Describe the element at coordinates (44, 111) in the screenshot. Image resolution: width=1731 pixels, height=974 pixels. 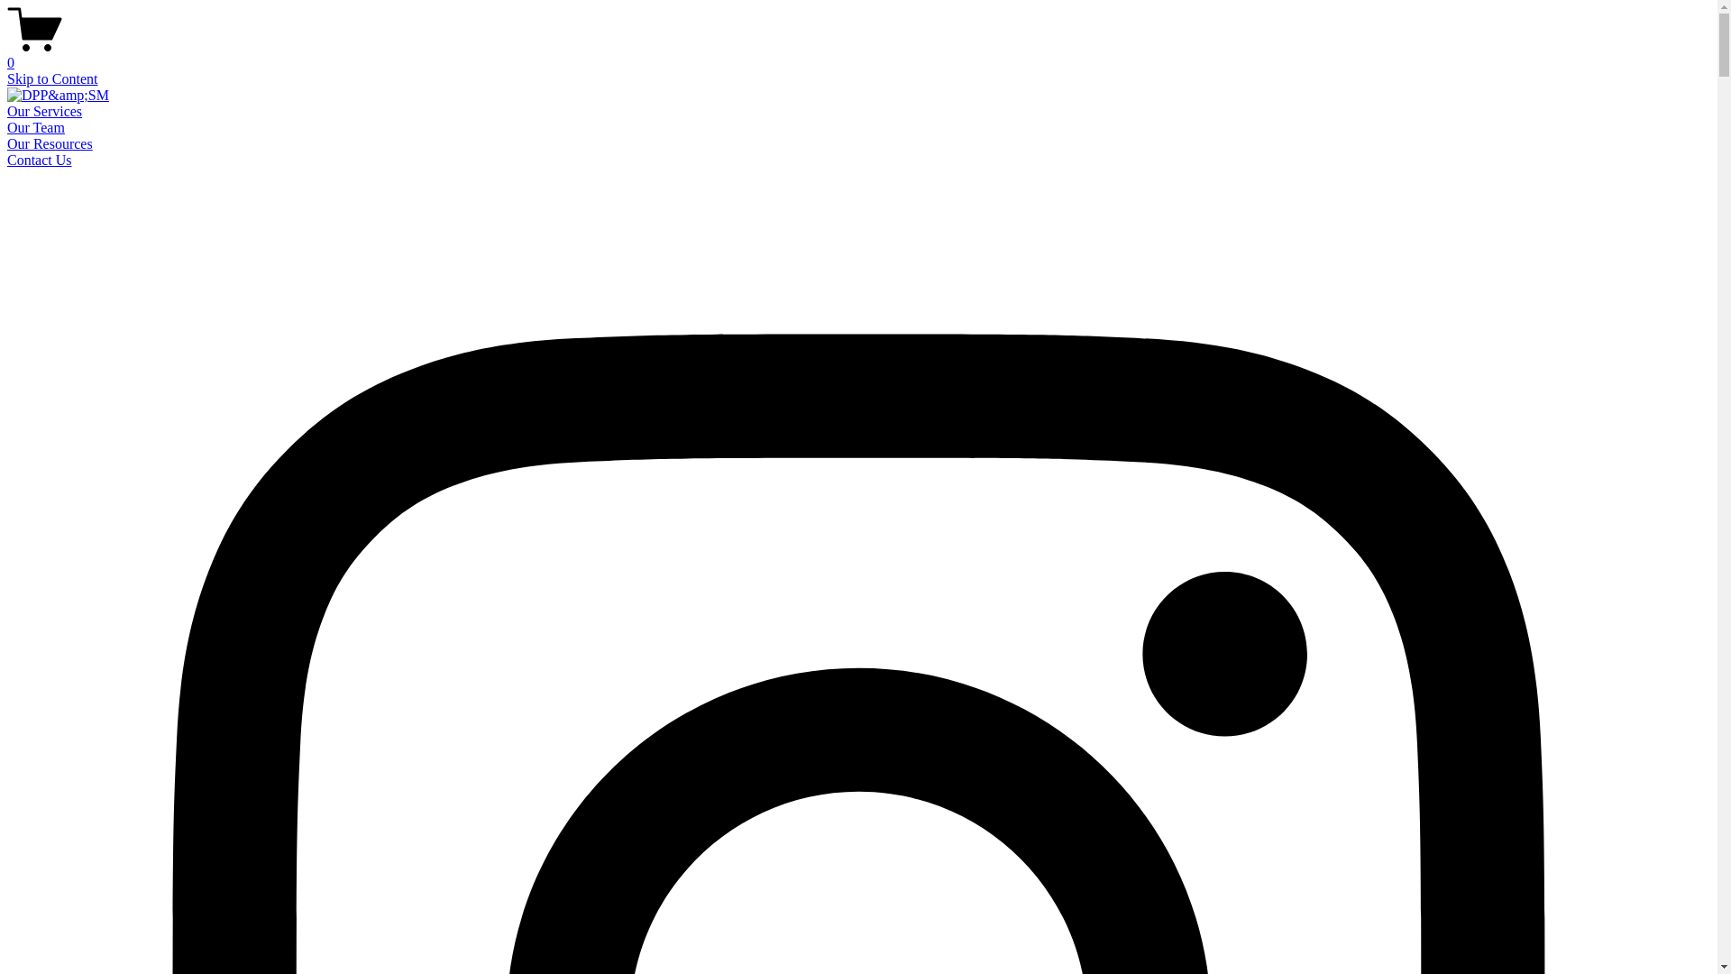
I see `'Our Services'` at that location.